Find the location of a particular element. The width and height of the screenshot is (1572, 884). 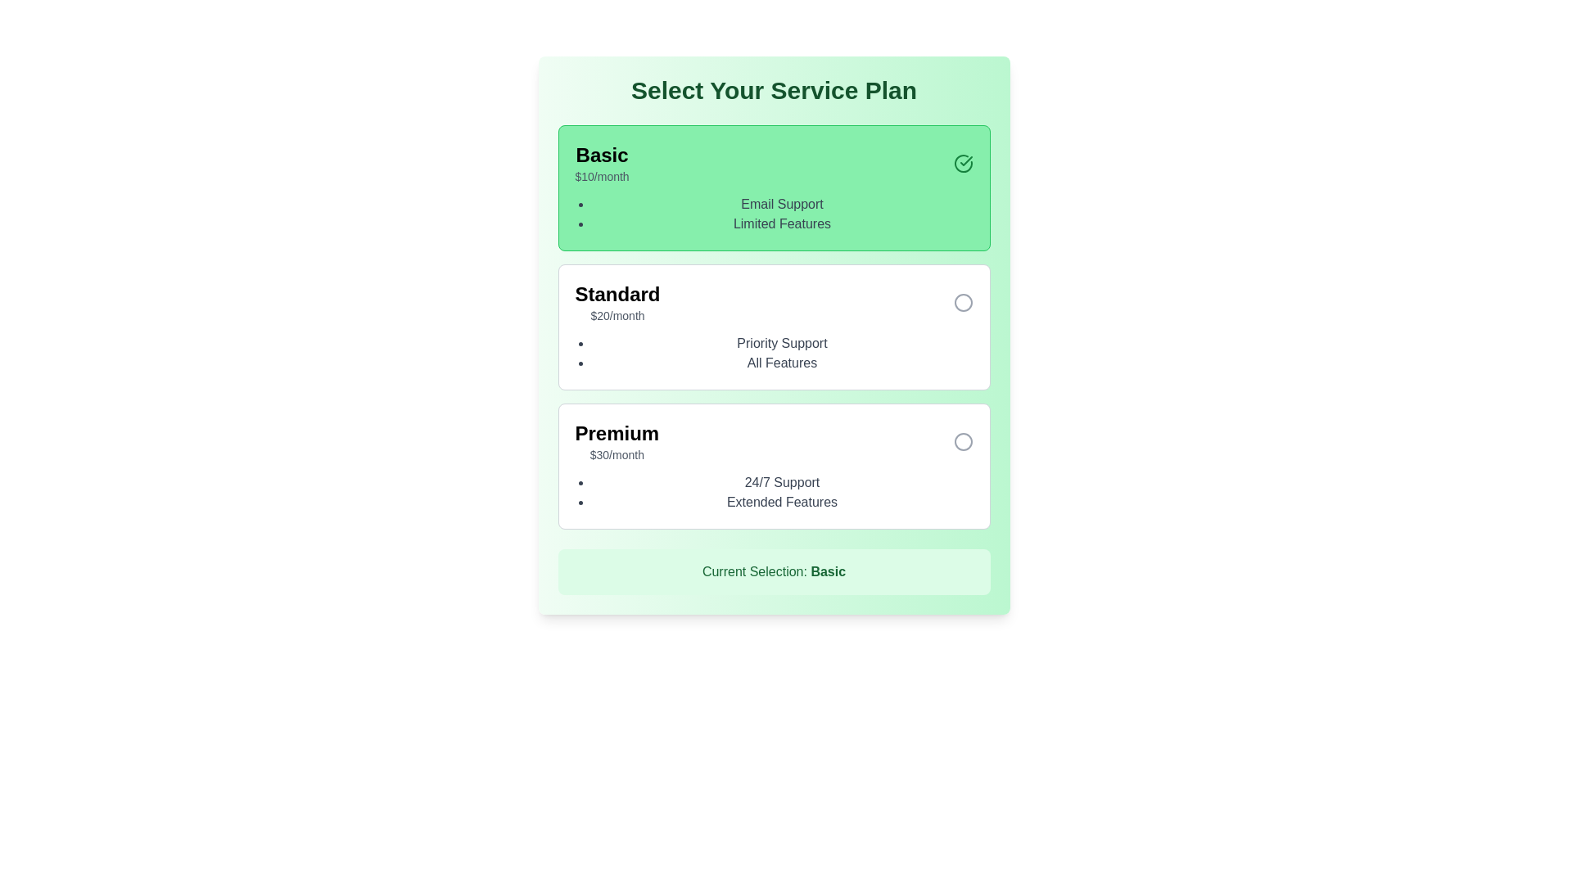

the static text label indicating that the 'Basic' plan includes 'Limited Features', which is the second item in a bulleted list under the 'Basic' service plan section is located at coordinates (781, 223).